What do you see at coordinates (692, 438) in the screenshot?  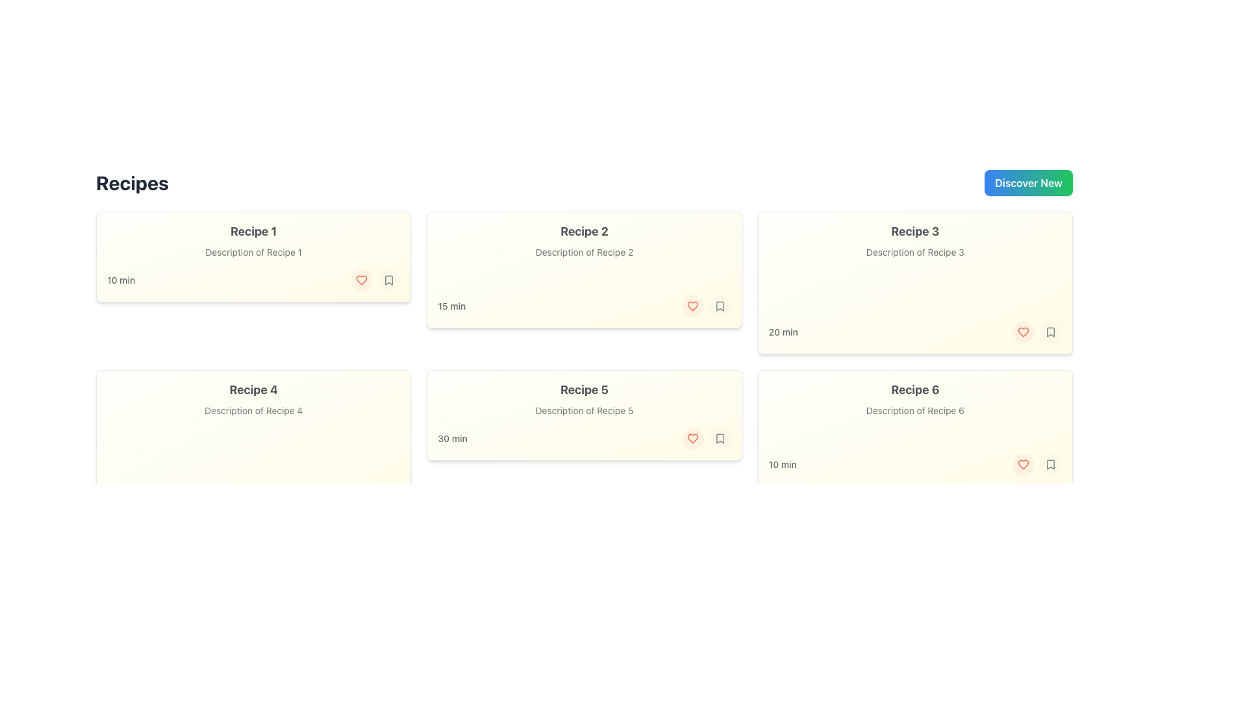 I see `the heart button at the lower right corner of the 'Recipe 5' card to like the recipe` at bounding box center [692, 438].